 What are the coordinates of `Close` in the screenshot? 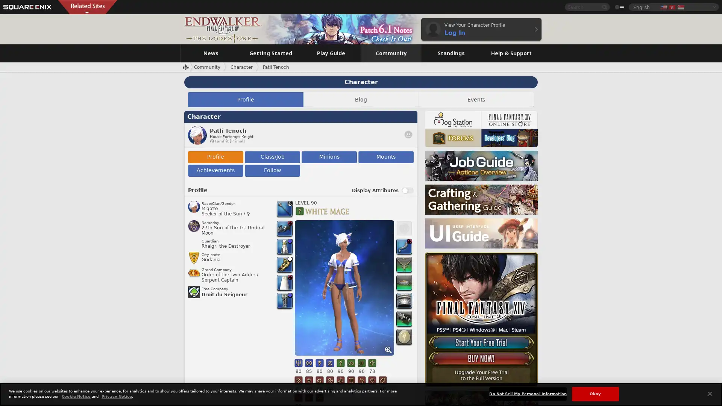 It's located at (709, 393).